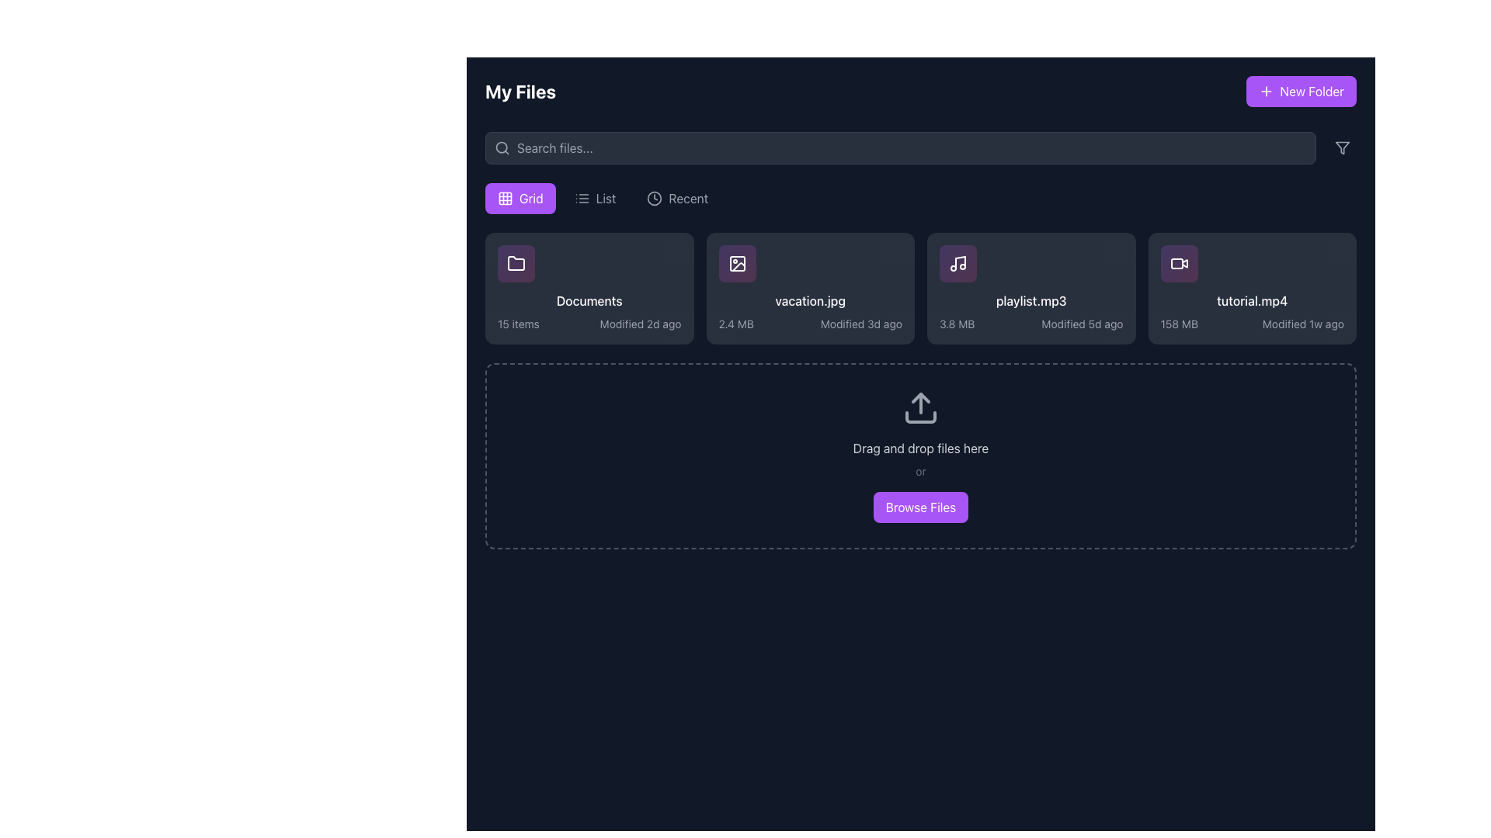 This screenshot has width=1491, height=838. I want to click on the text field displaying 'Modified 2d ago', so click(641, 323).